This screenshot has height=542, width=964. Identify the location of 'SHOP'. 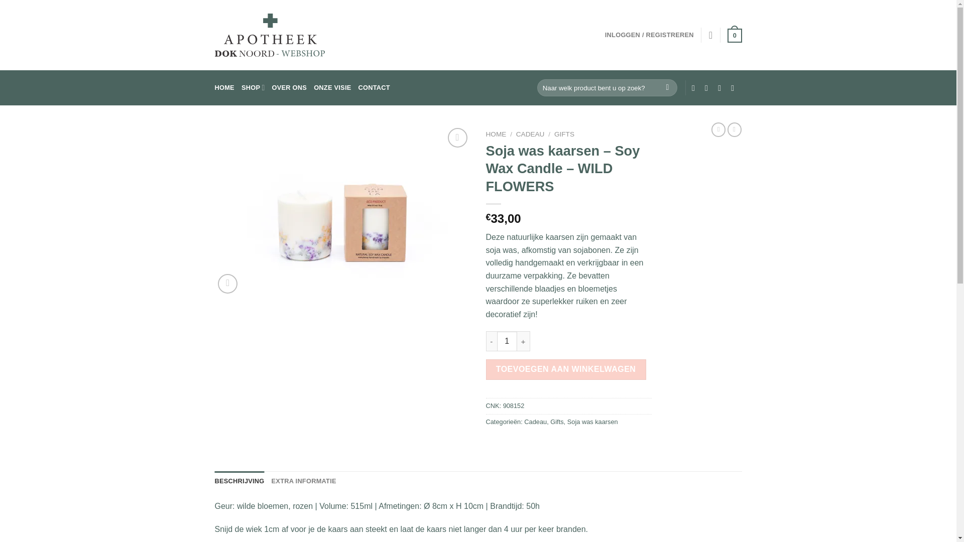
(241, 87).